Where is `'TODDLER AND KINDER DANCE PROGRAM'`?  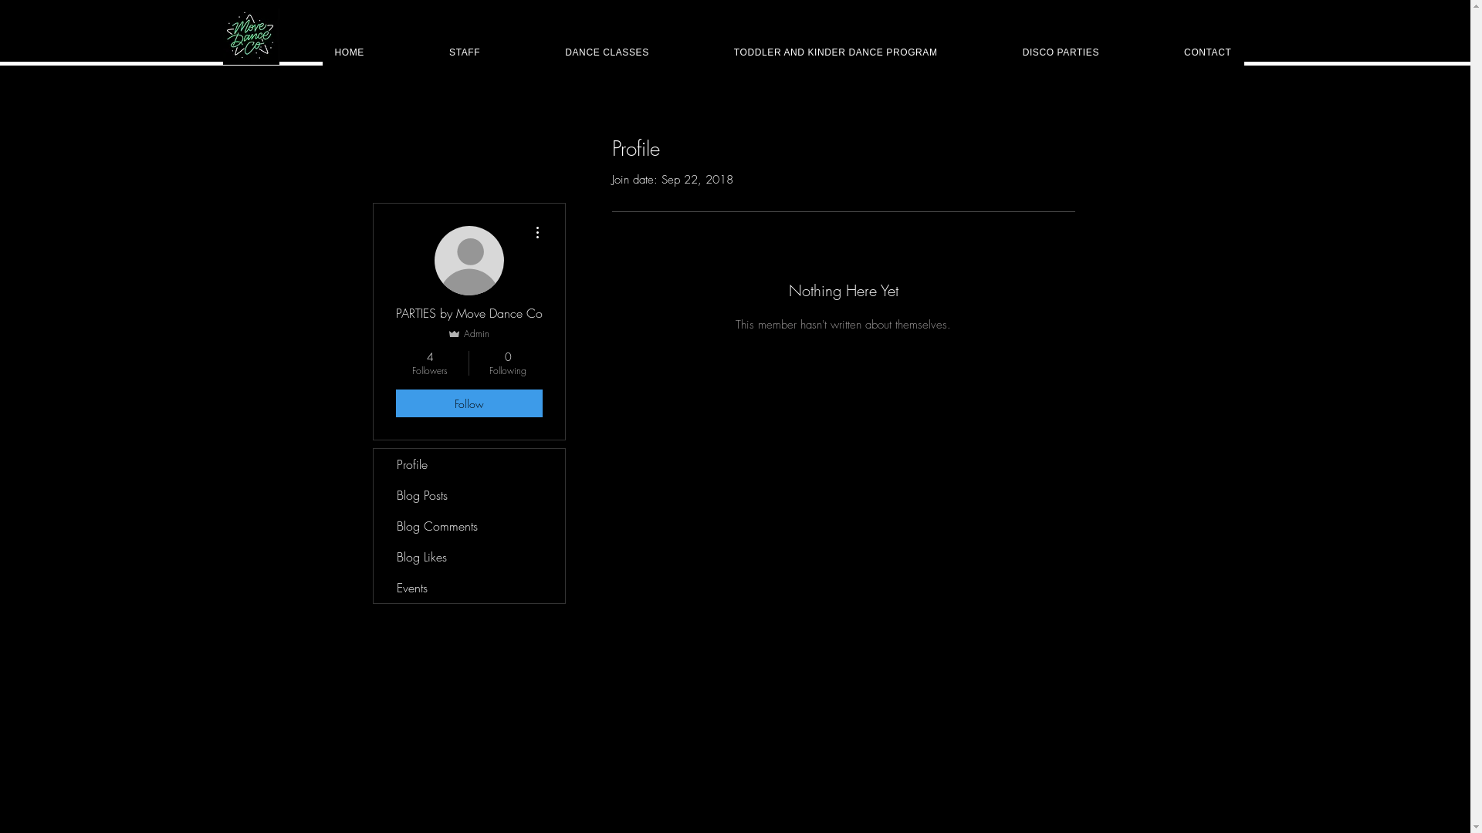 'TODDLER AND KINDER DANCE PROGRAM' is located at coordinates (835, 52).